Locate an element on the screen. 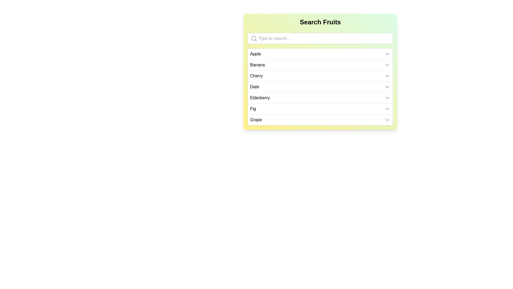 Image resolution: width=513 pixels, height=289 pixels. the sixth list item labeled 'Fig' in the 'Search Fruits' dropdown, positioned between 'Elderberry' and 'Grape' is located at coordinates (320, 108).